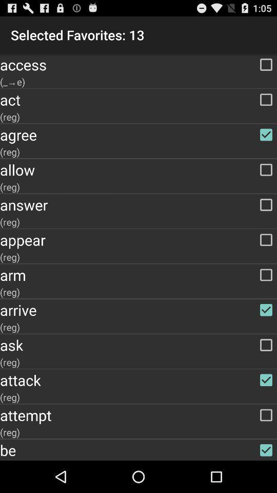 The width and height of the screenshot is (277, 493). Describe the element at coordinates (138, 100) in the screenshot. I see `the app above the (reg)  app` at that location.